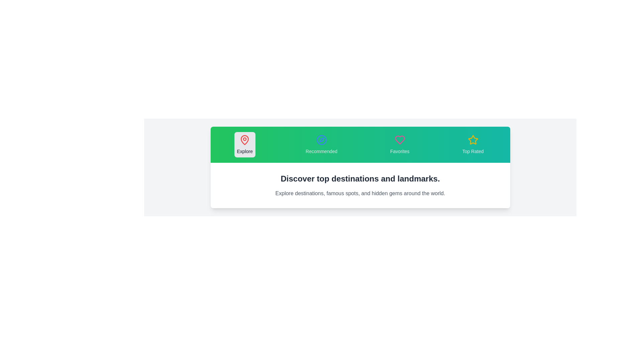  What do you see at coordinates (400, 144) in the screenshot?
I see `the tab labeled Favorites` at bounding box center [400, 144].